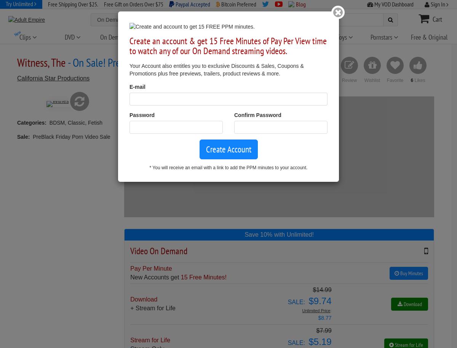 This screenshot has width=457, height=348. What do you see at coordinates (151, 268) in the screenshot?
I see `'Pay Per Minute'` at bounding box center [151, 268].